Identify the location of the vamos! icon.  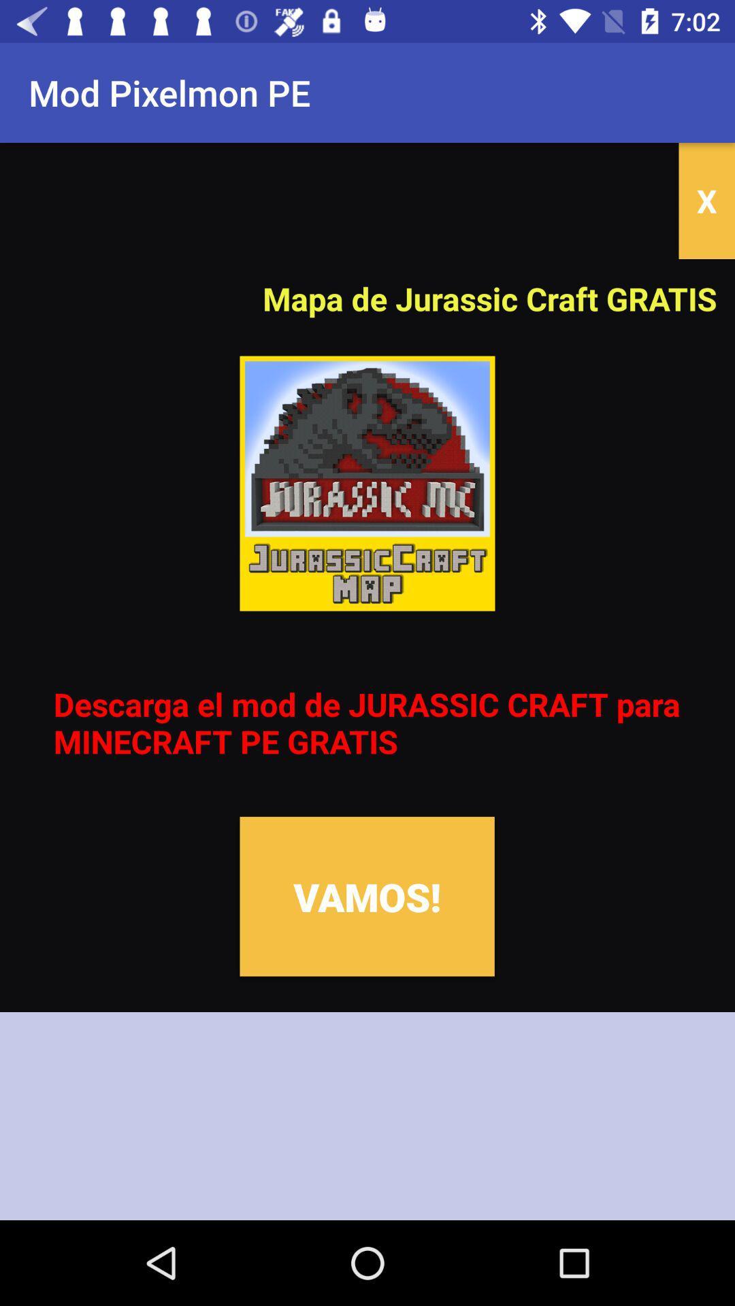
(366, 897).